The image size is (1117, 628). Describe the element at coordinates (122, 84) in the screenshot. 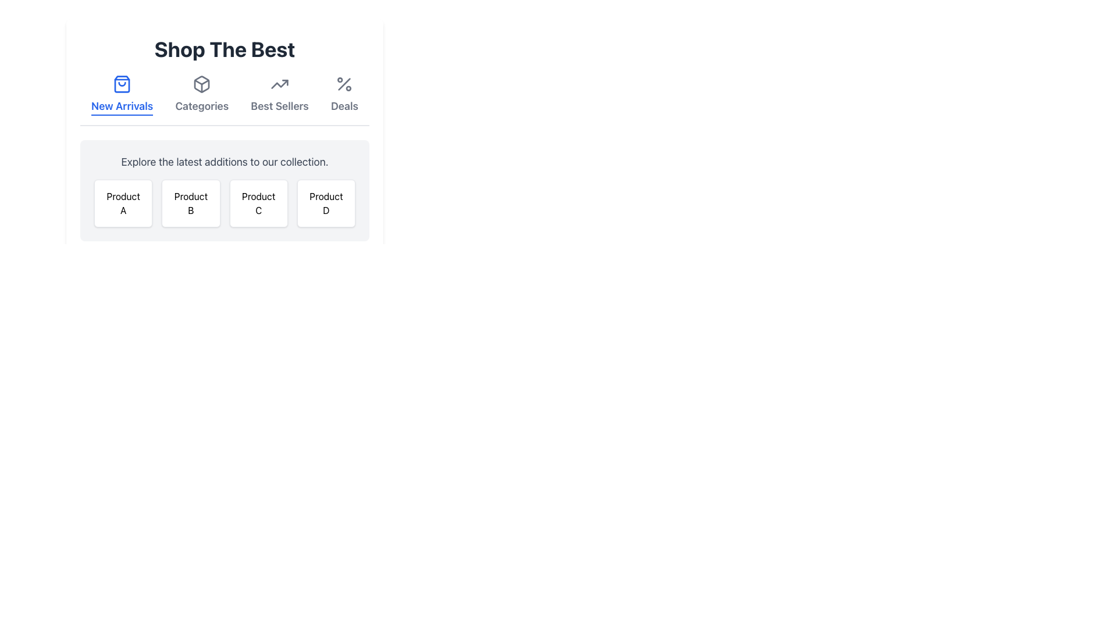

I see `the blue shopping bag icon located in the upper-left segment of the interface, directly above the 'New Arrivals' label` at that location.